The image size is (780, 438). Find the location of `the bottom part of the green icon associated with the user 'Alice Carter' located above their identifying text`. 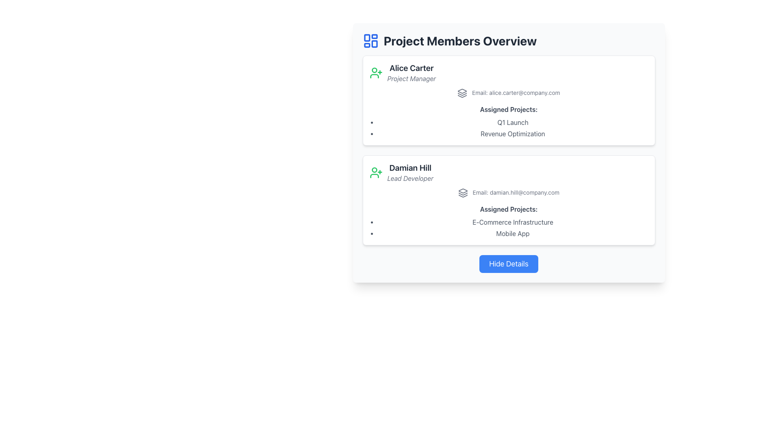

the bottom part of the green icon associated with the user 'Alice Carter' located above their identifying text is located at coordinates (374, 76).